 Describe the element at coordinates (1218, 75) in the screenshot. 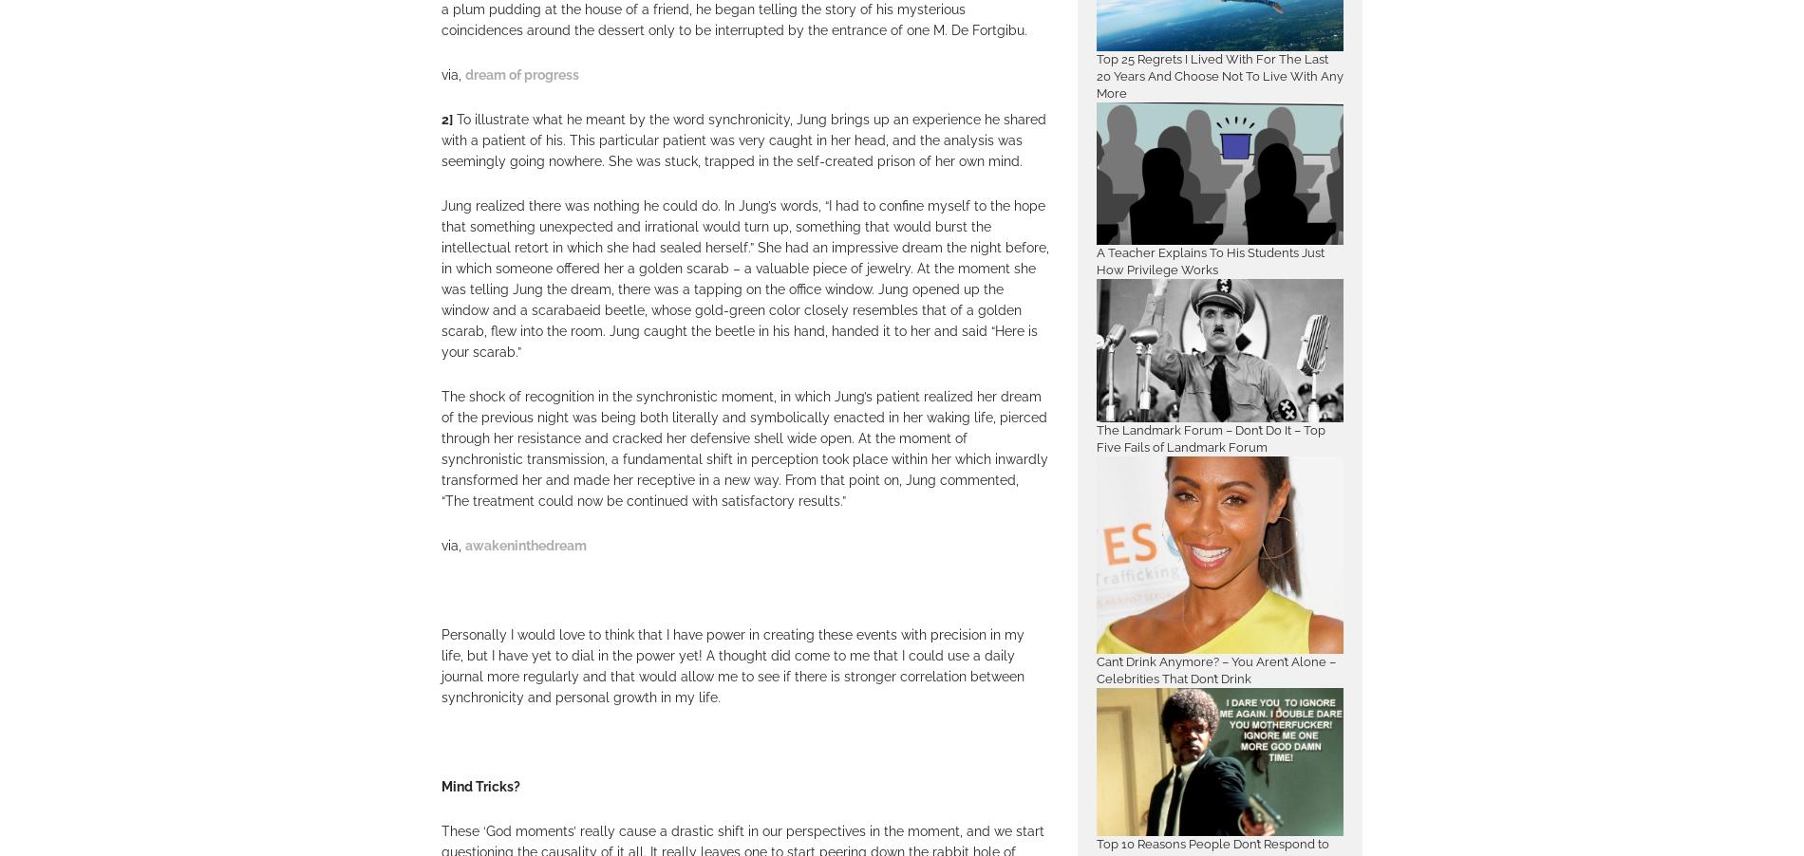

I see `'Top 25 Regrets I Lived With For The Last 20 Years And Choose Not To Live With Any More'` at that location.